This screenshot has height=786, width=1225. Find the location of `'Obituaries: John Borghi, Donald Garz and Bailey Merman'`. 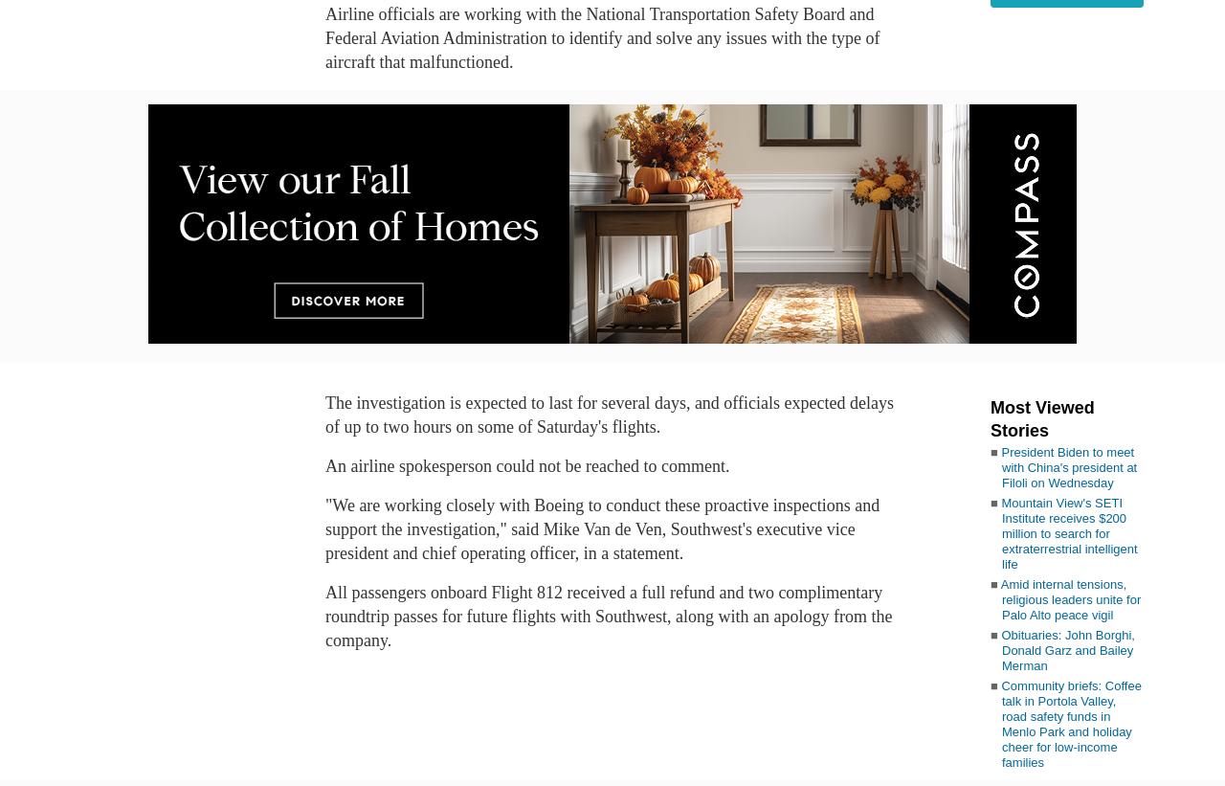

'Obituaries: John Borghi, Donald Garz and Bailey Merman' is located at coordinates (1000, 649).